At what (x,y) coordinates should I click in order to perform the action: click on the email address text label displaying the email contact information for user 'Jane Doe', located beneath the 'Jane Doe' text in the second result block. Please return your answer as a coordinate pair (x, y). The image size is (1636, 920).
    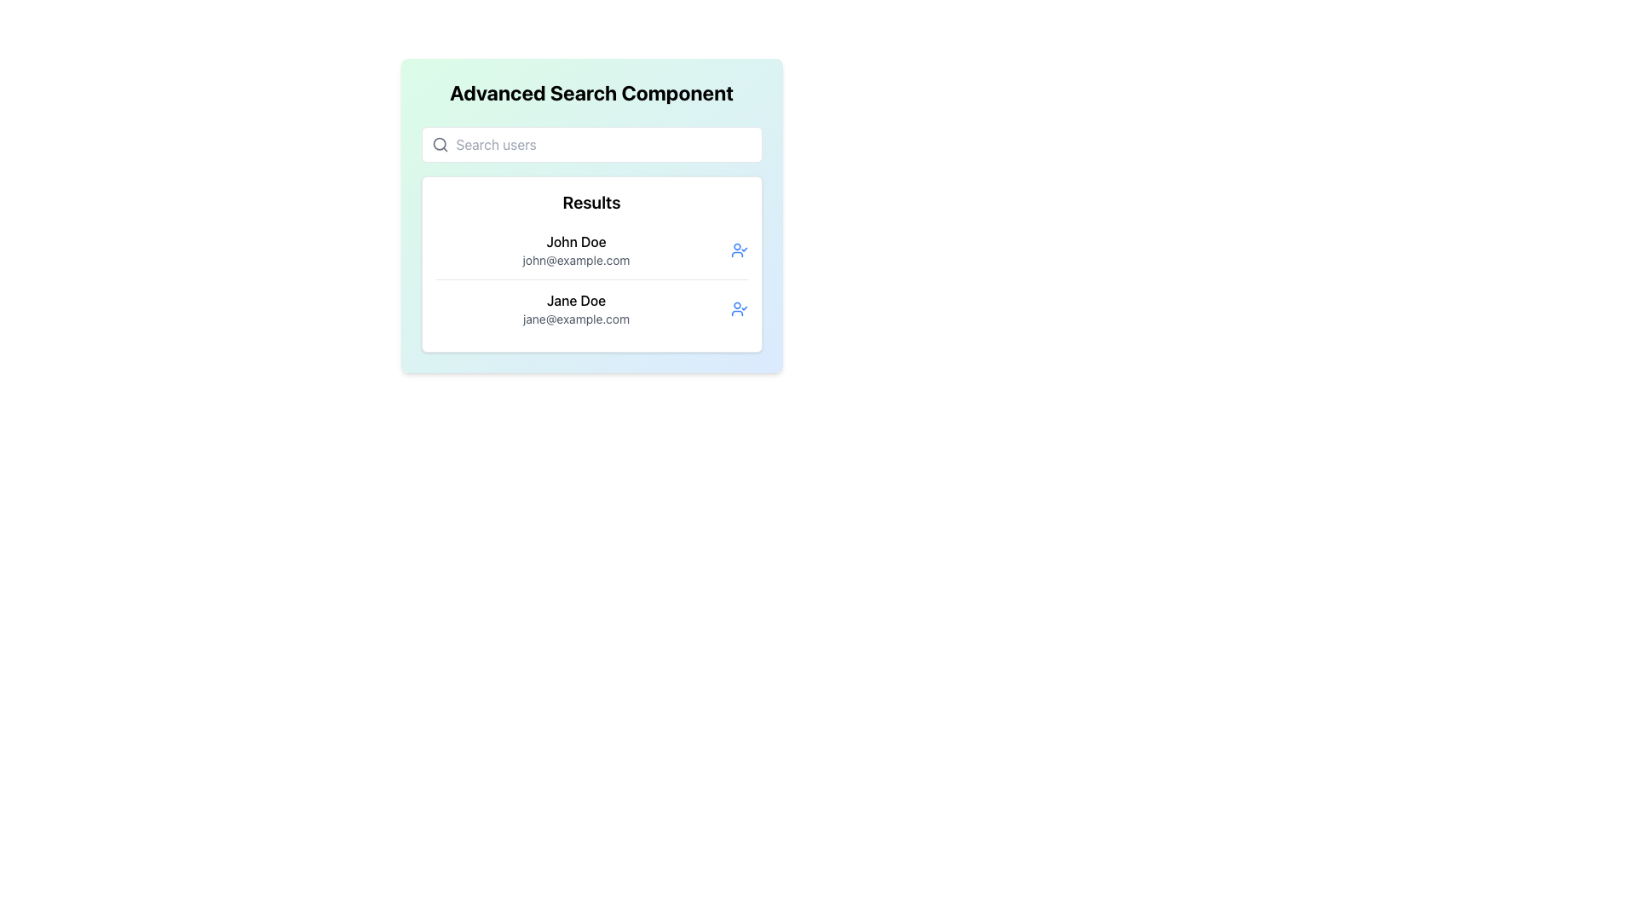
    Looking at the image, I should click on (576, 319).